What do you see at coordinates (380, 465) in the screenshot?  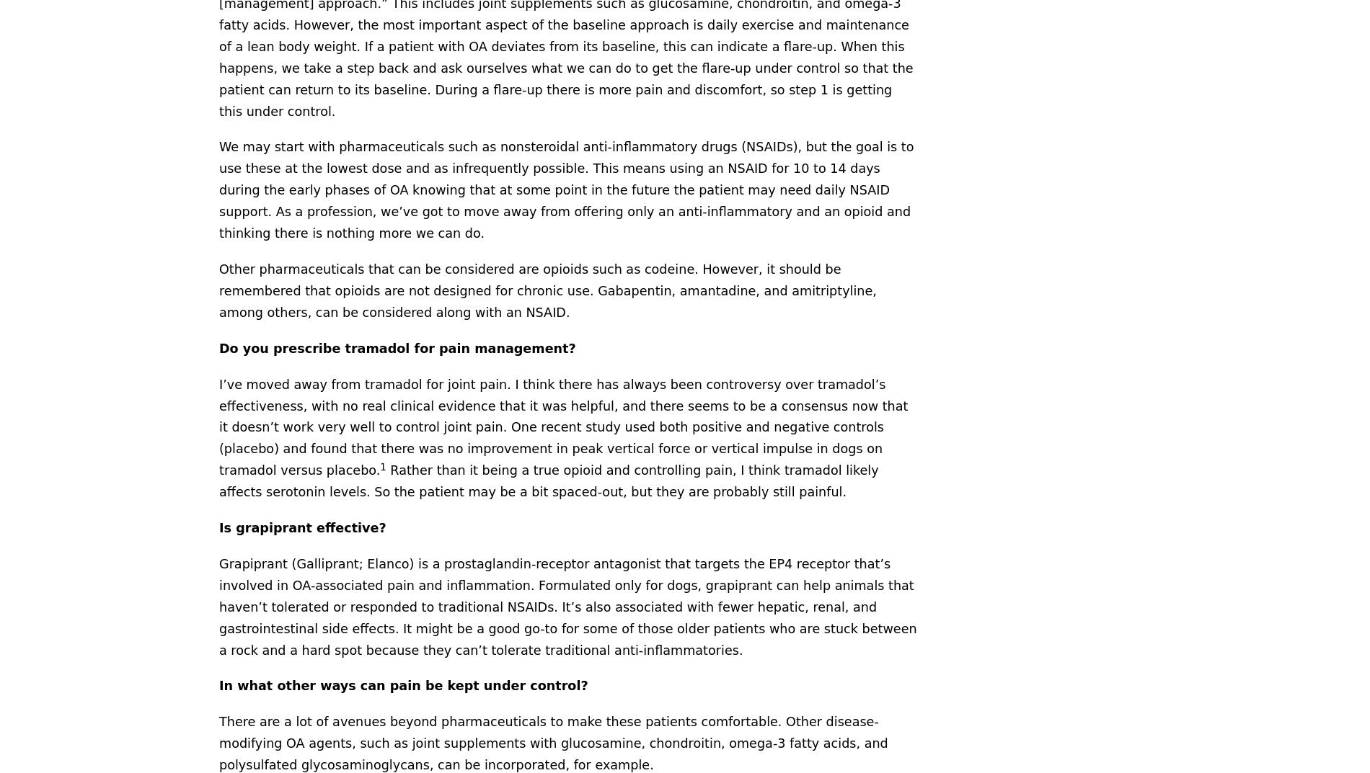 I see `'1'` at bounding box center [380, 465].